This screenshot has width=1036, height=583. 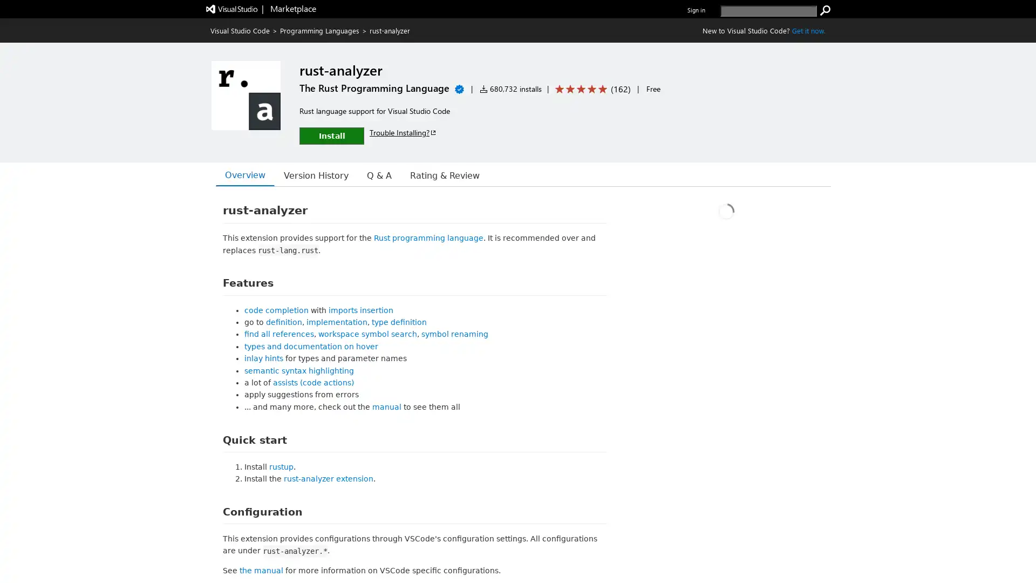 I want to click on Overview, so click(x=242, y=174).